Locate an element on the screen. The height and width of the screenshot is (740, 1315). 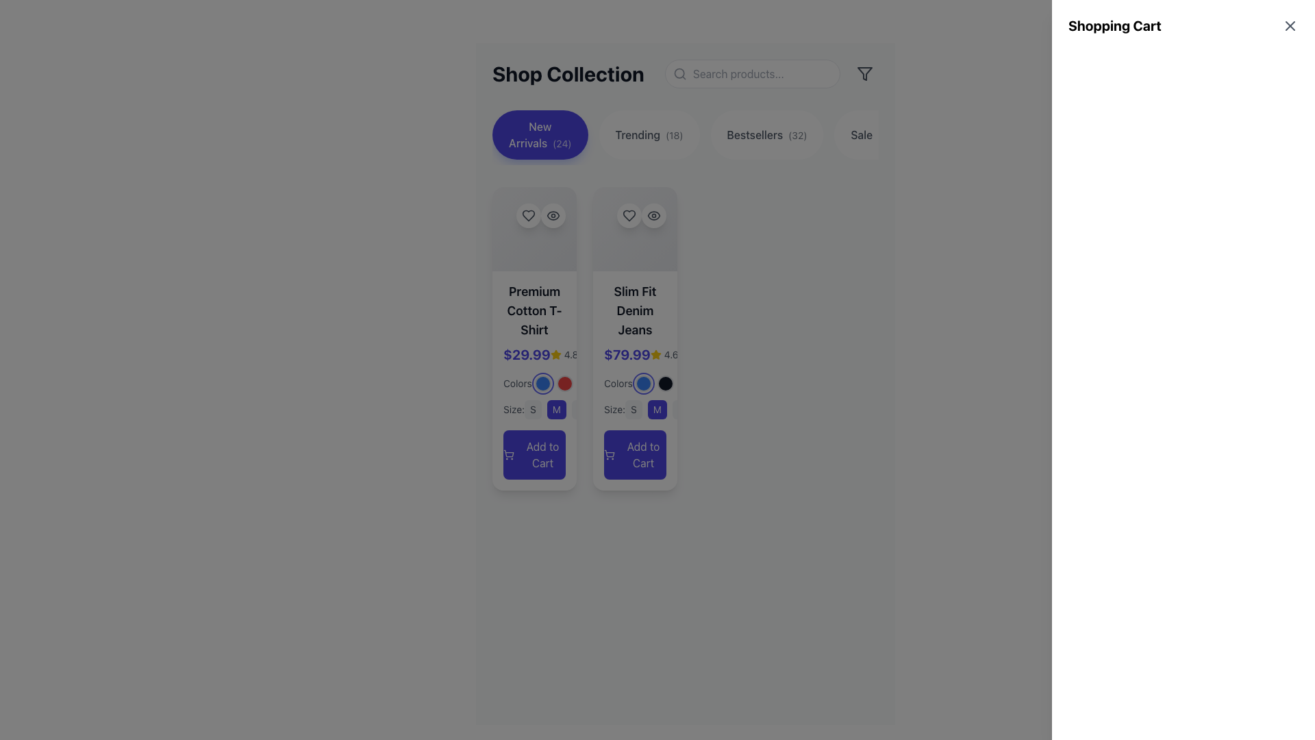
the black color circle in the Color selector for the 'Slim Fit Denim Jeans' product, which is located below the price and rating section and above the size selector is located at coordinates (634, 383).